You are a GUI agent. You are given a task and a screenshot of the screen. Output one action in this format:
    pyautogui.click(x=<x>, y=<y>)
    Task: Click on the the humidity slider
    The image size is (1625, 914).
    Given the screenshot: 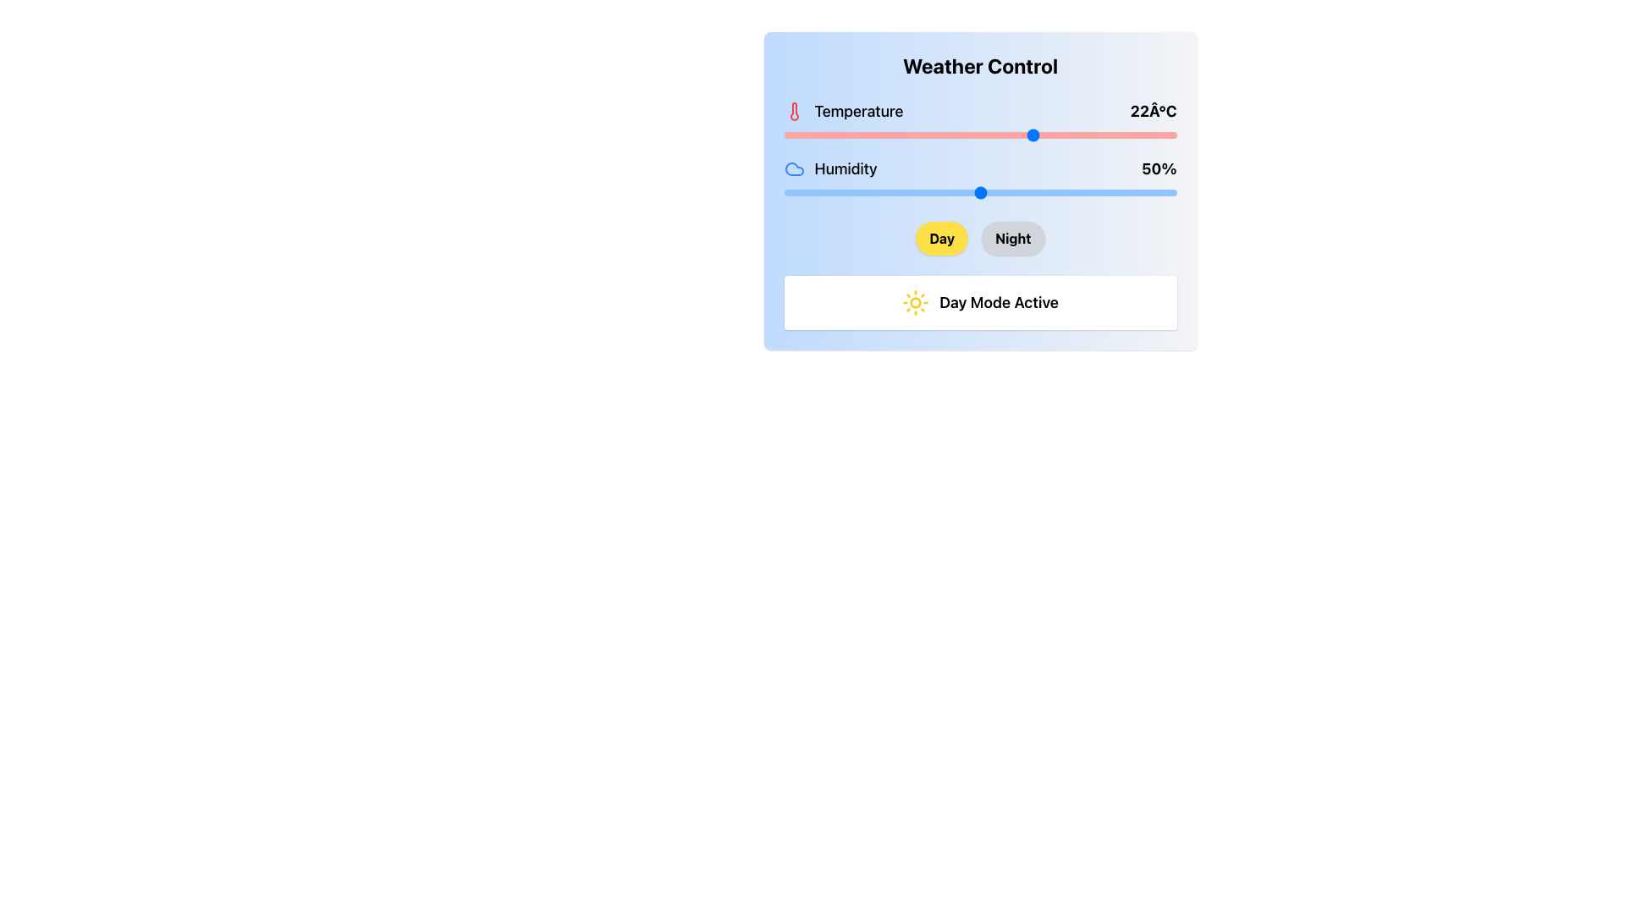 What is the action you would take?
    pyautogui.click(x=964, y=191)
    